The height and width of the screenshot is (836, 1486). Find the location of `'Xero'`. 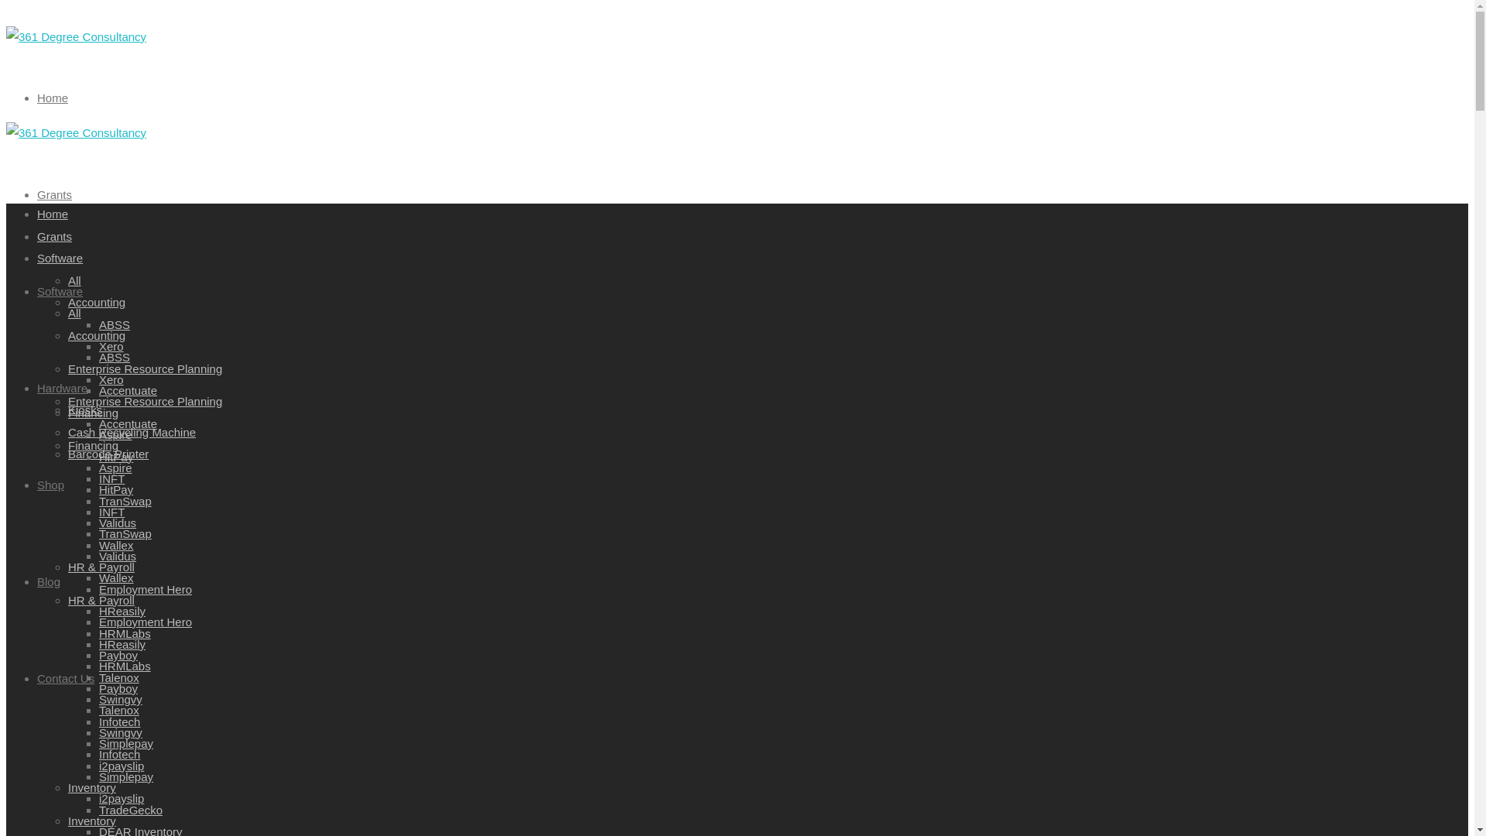

'Xero' is located at coordinates (98, 379).